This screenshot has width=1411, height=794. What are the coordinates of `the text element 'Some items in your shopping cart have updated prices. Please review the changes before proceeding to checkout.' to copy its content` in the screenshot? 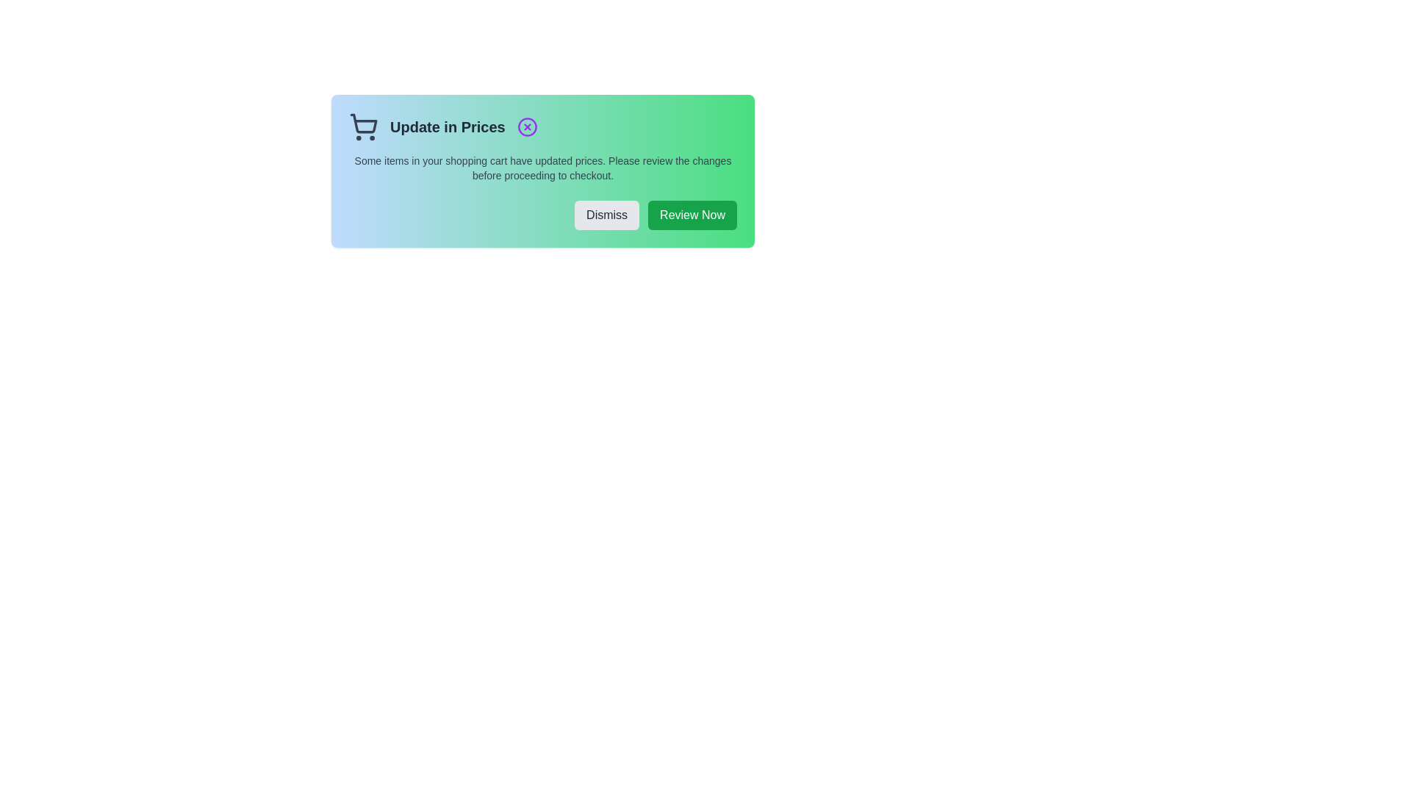 It's located at (542, 167).